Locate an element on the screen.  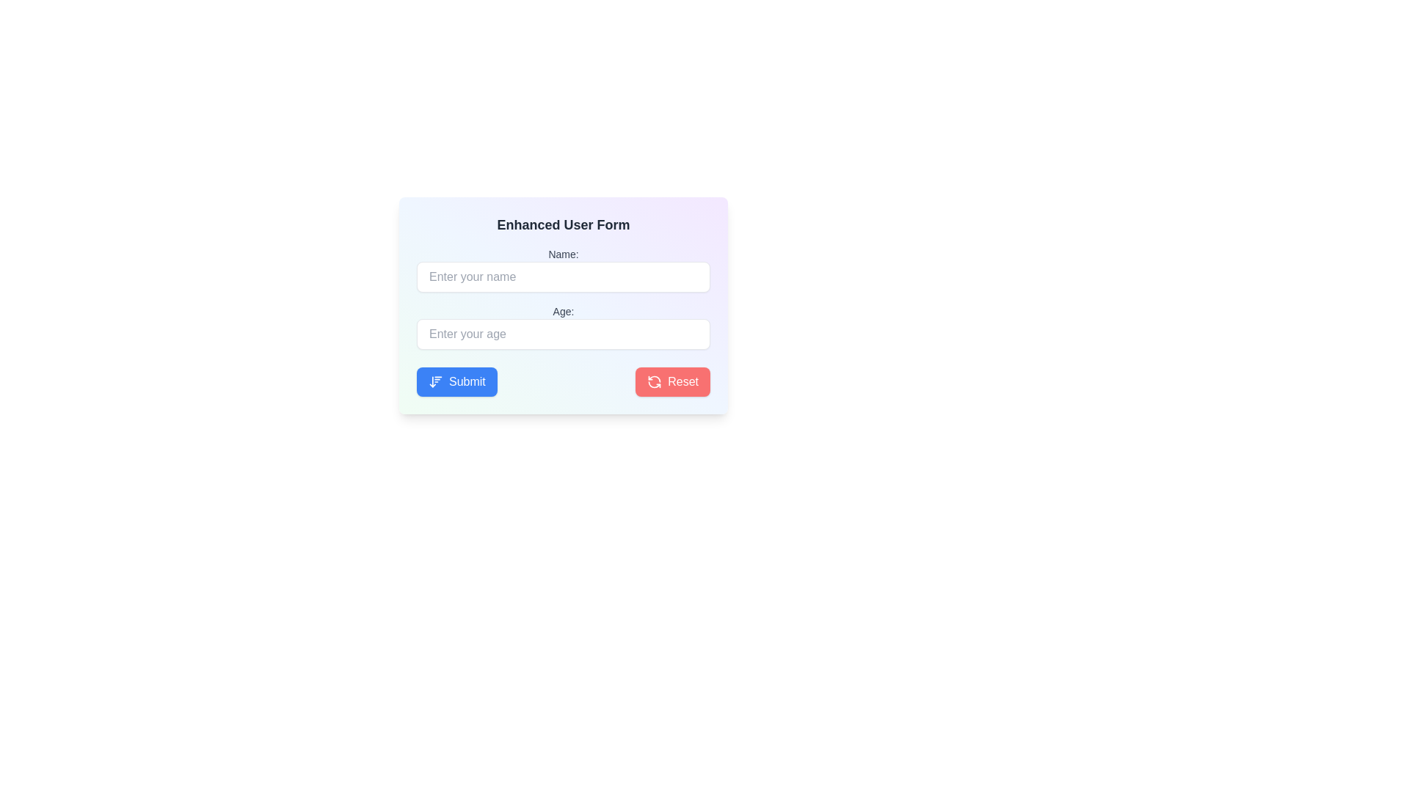
the 'Submit' button with a blue background and white text at the bottom left of the user form is located at coordinates (456, 381).